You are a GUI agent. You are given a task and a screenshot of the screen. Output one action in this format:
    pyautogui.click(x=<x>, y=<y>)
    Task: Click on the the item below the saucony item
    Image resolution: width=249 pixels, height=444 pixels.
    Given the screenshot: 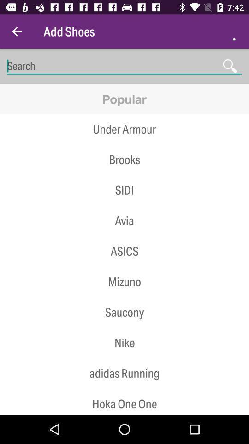 What is the action you would take?
    pyautogui.click(x=125, y=342)
    